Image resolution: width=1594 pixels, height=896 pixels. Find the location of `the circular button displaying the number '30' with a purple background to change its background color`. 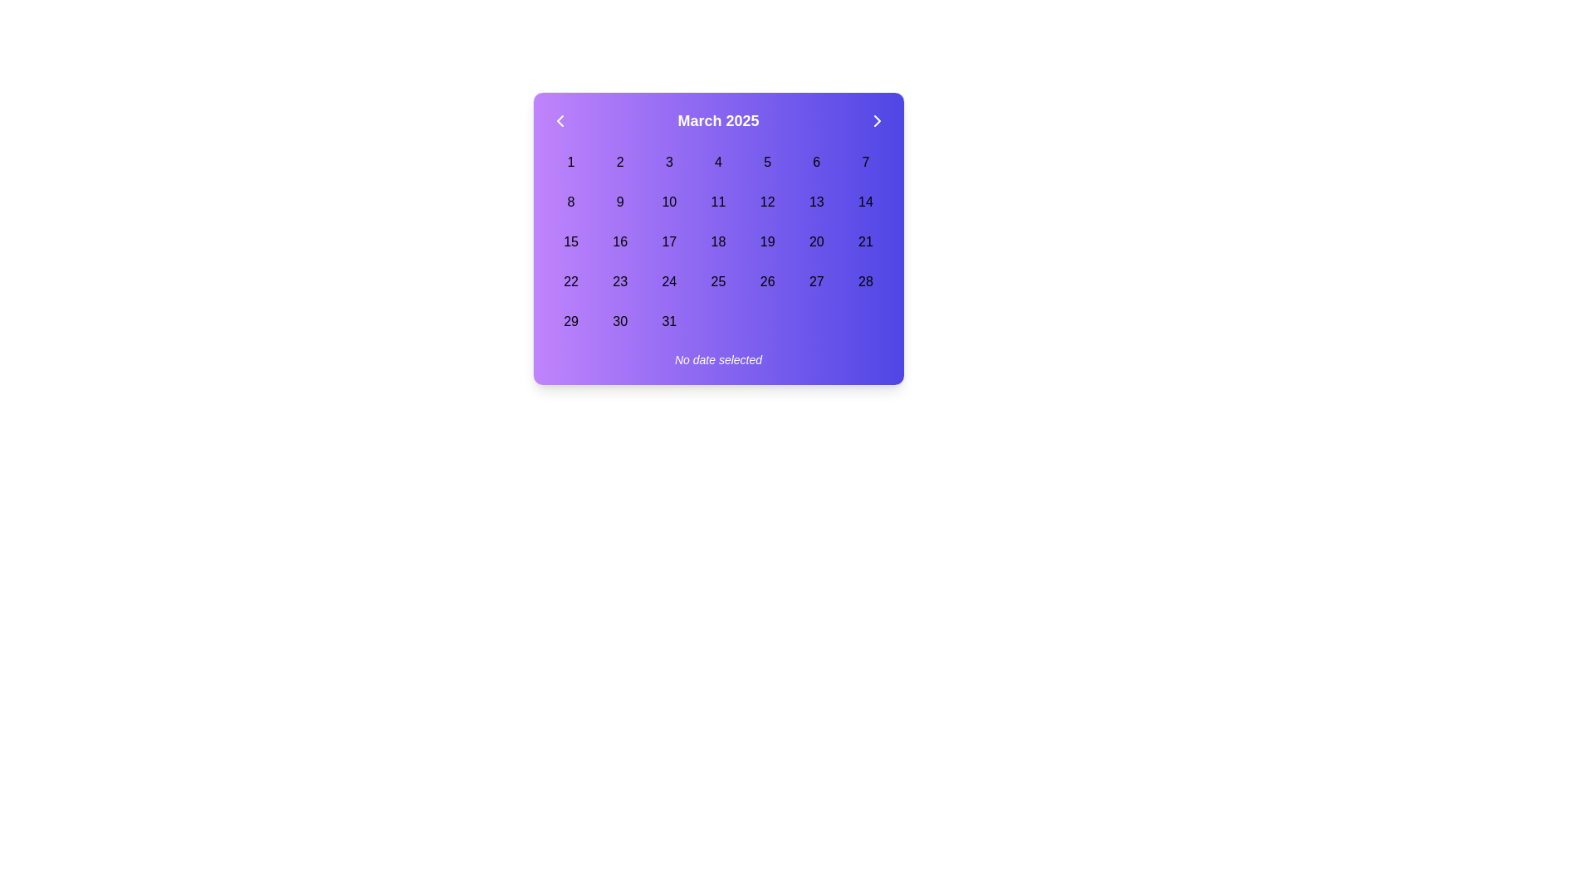

the circular button displaying the number '30' with a purple background to change its background color is located at coordinates (619, 322).